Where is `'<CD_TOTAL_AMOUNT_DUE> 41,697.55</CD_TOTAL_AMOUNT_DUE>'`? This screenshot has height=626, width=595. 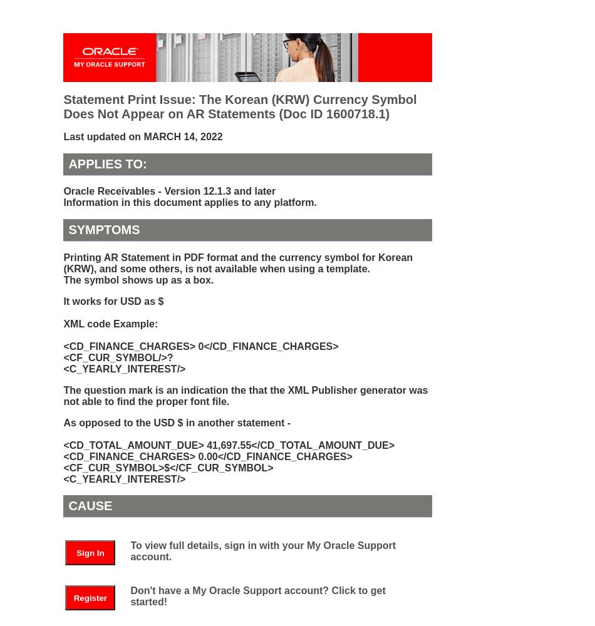 '<CD_TOTAL_AMOUNT_DUE> 41,697.55</CD_TOTAL_AMOUNT_DUE>' is located at coordinates (228, 444).